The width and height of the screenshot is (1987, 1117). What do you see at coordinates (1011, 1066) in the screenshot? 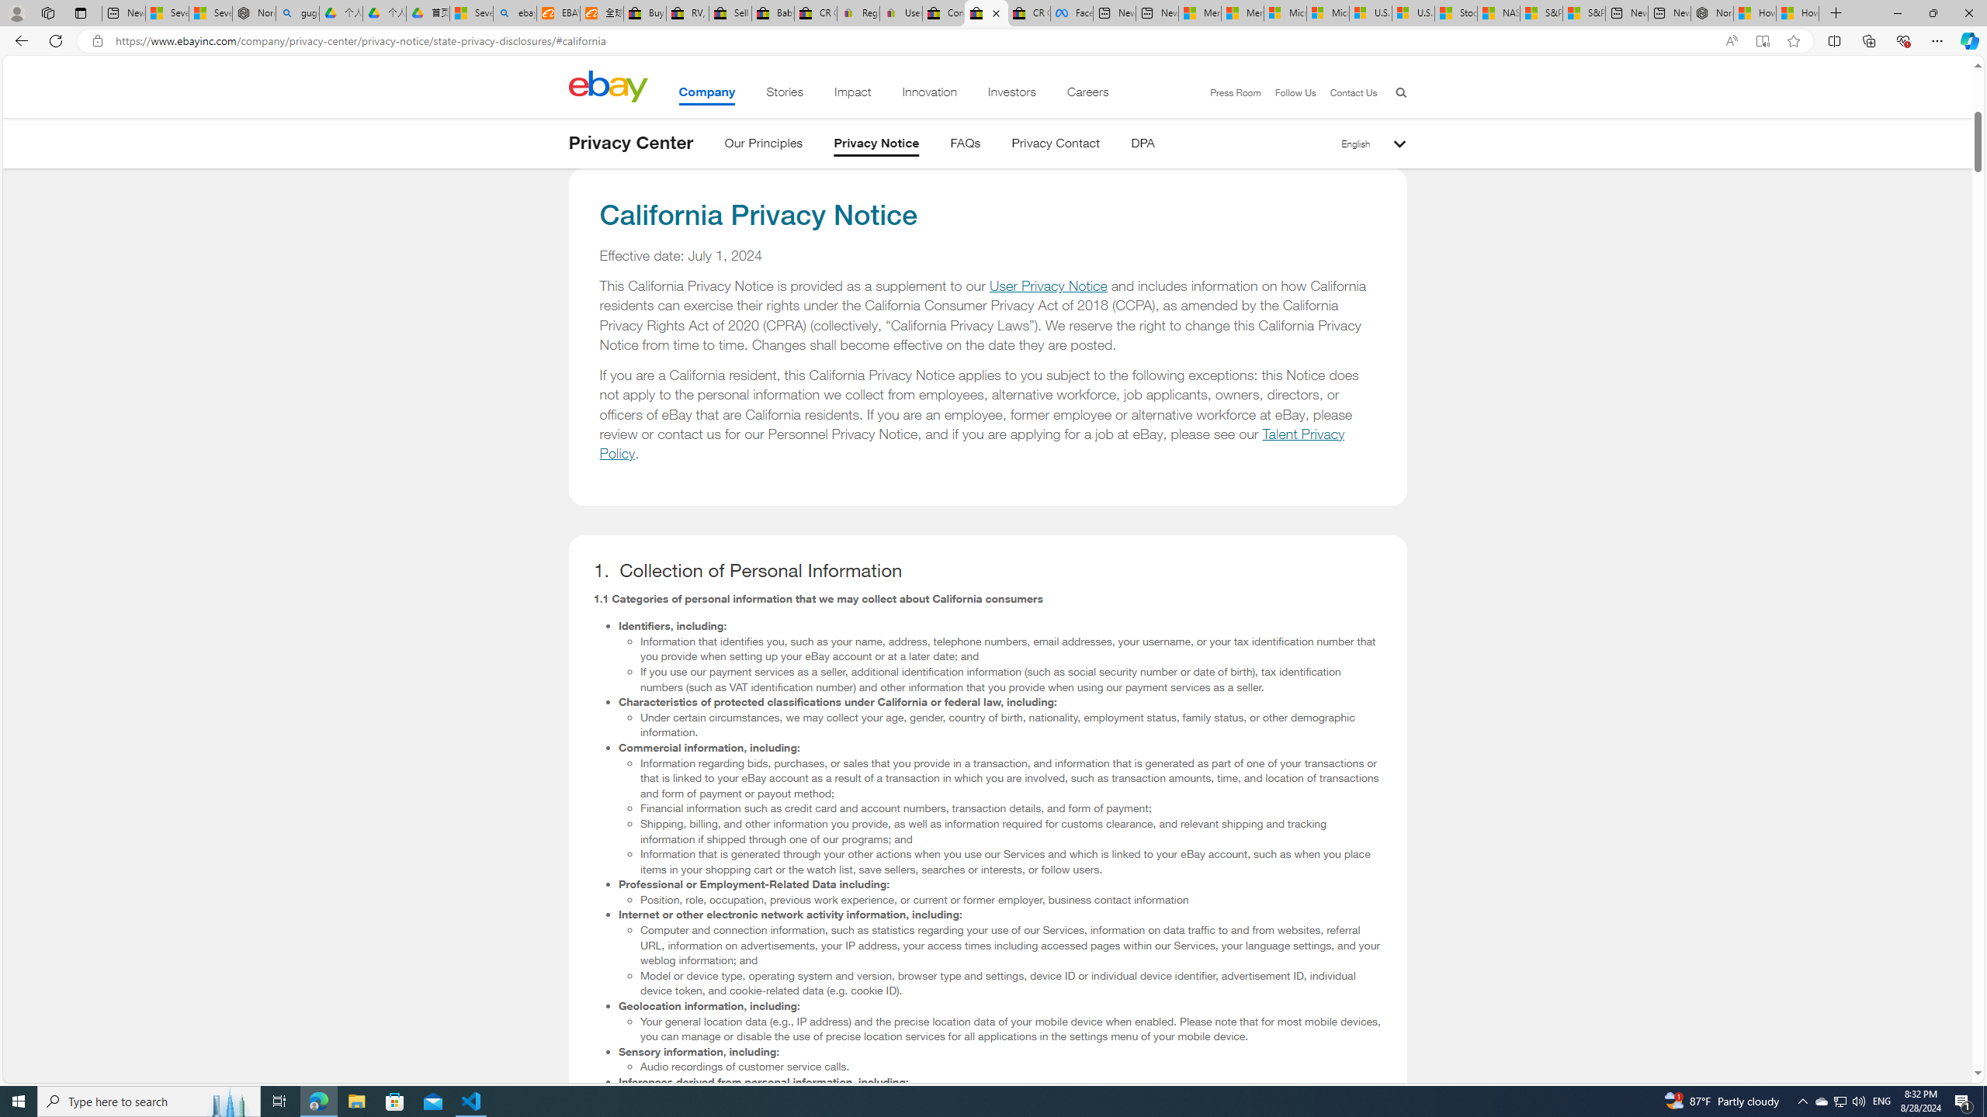
I see `'Audio recordings of customer service calls.'` at bounding box center [1011, 1066].